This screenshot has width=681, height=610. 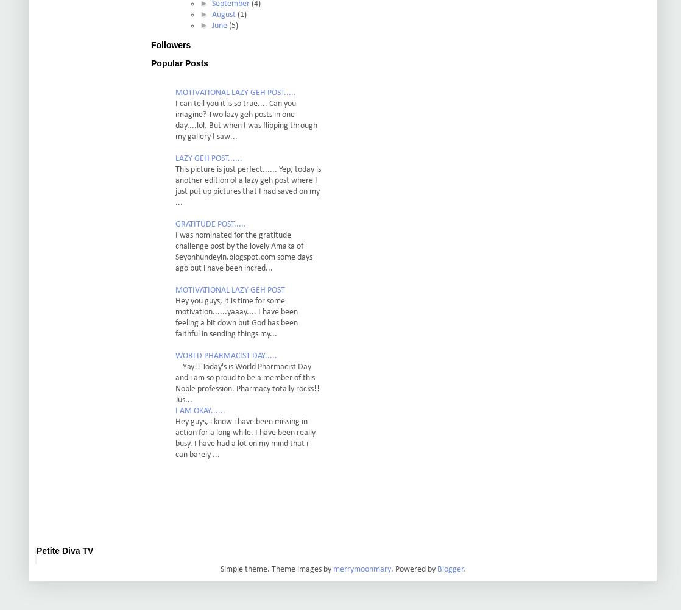 I want to click on 'GRATITUDE POST.....', so click(x=174, y=224).